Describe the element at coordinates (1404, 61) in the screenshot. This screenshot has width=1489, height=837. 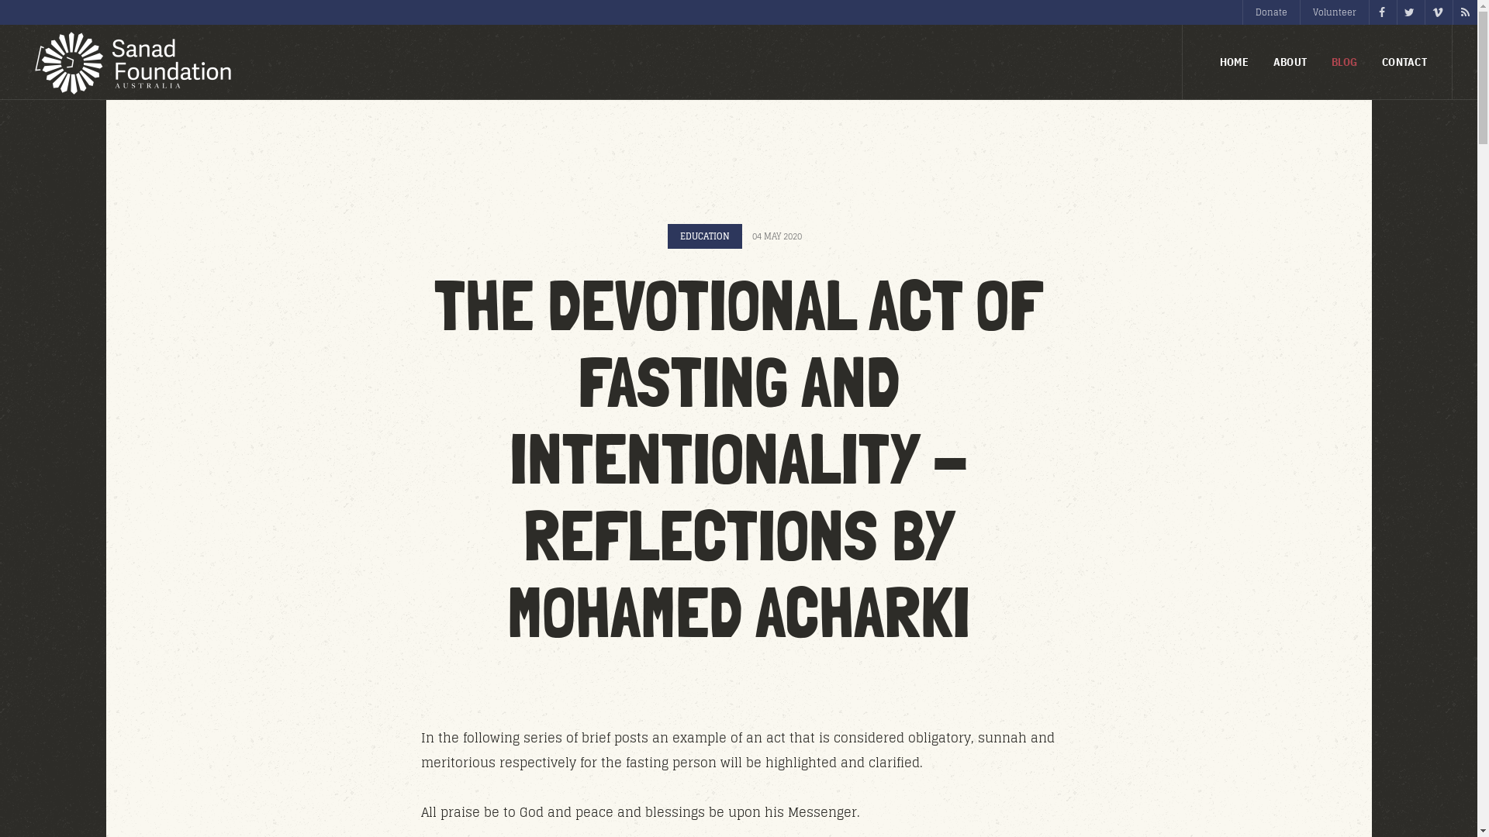
I see `'CONTACT'` at that location.